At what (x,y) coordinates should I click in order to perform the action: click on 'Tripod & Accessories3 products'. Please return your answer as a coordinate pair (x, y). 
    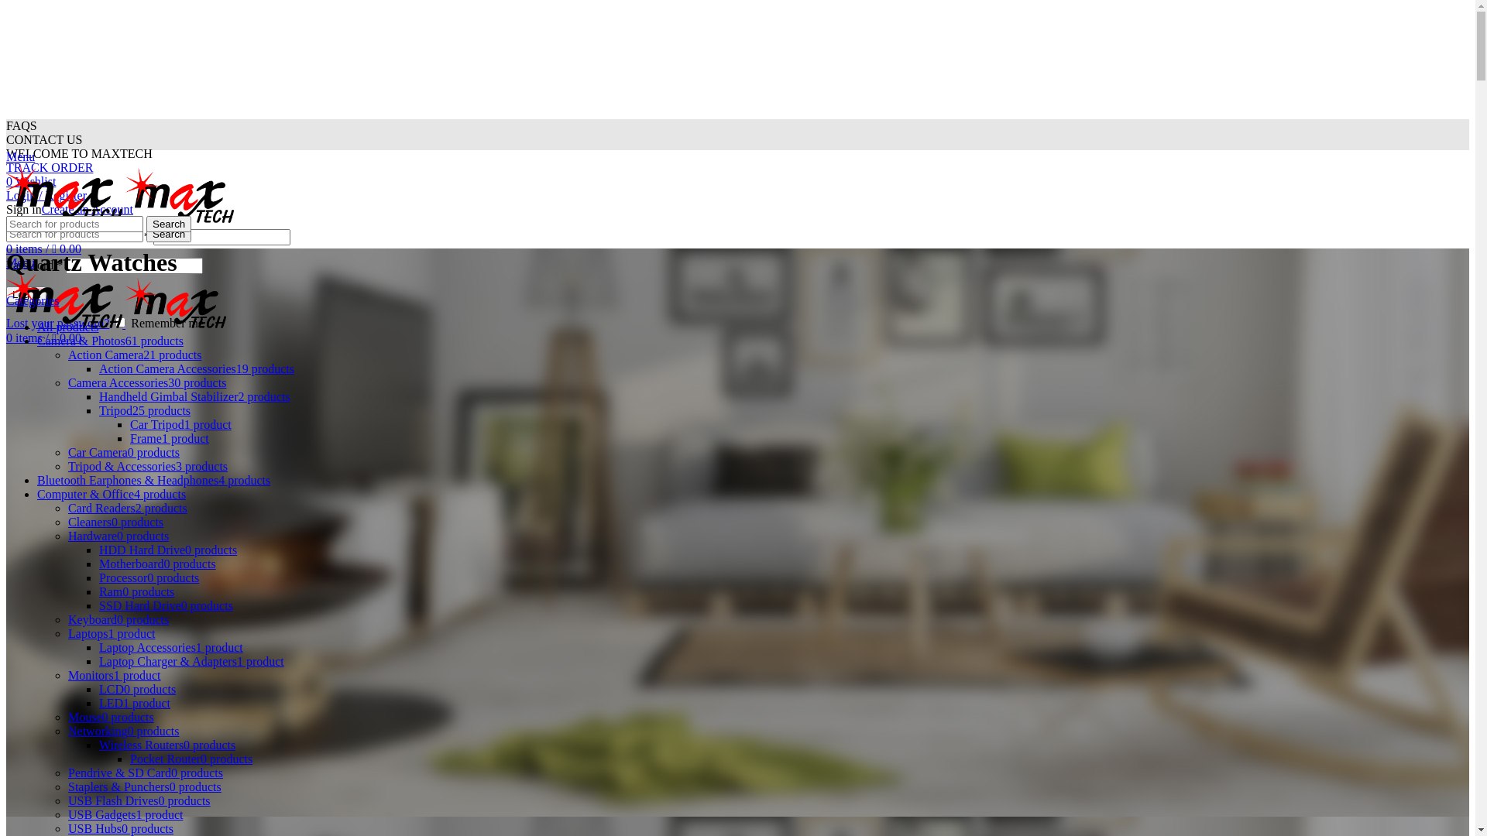
    Looking at the image, I should click on (148, 465).